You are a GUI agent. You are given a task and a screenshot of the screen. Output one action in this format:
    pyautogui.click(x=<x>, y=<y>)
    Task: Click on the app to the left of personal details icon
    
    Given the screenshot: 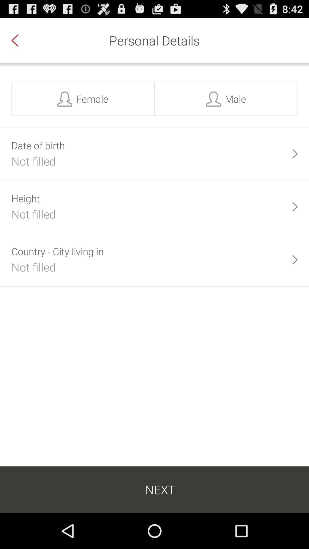 What is the action you would take?
    pyautogui.click(x=21, y=40)
    